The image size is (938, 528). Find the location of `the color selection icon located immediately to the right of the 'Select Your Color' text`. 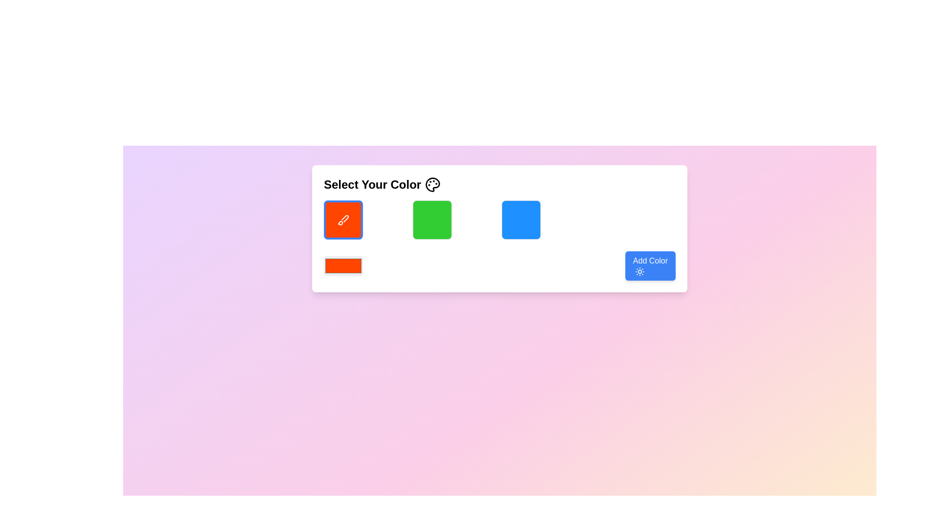

the color selection icon located immediately to the right of the 'Select Your Color' text is located at coordinates (432, 185).